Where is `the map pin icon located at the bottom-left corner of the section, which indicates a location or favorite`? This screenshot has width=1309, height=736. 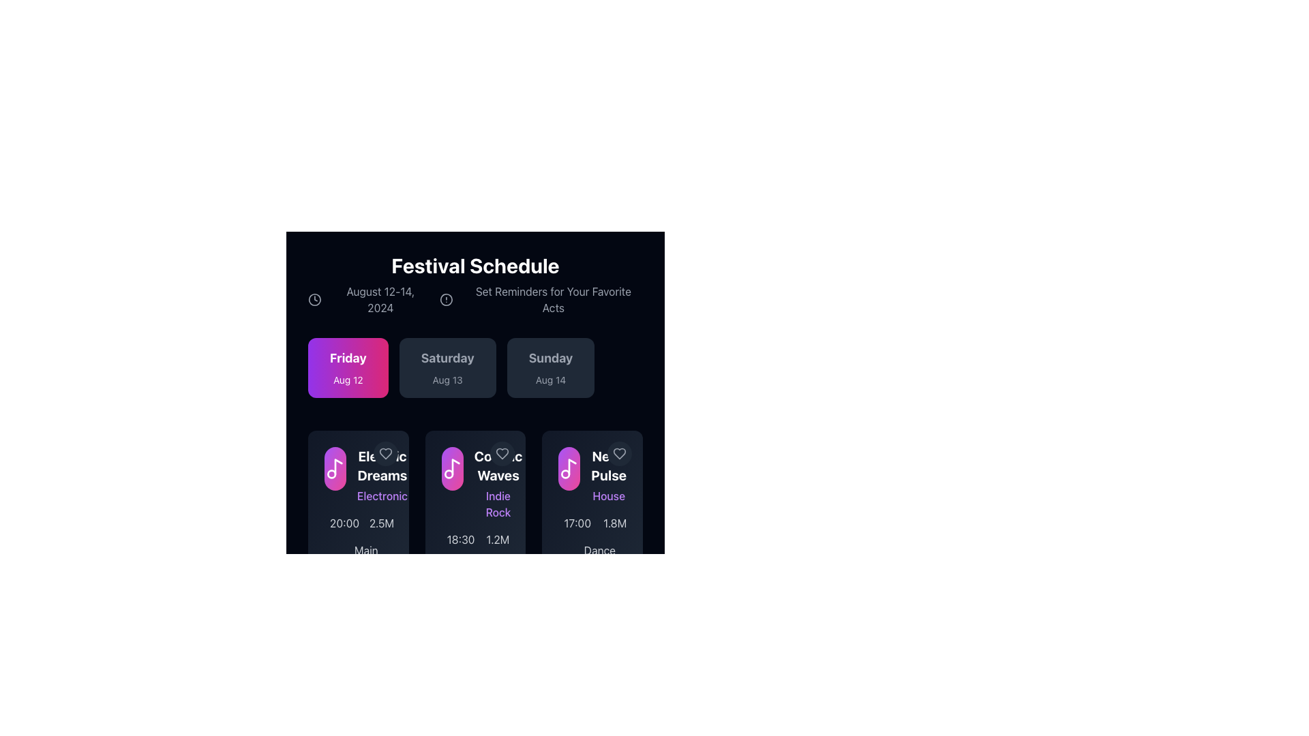
the map pin icon located at the bottom-left corner of the section, which indicates a location or favorite is located at coordinates (329, 559).